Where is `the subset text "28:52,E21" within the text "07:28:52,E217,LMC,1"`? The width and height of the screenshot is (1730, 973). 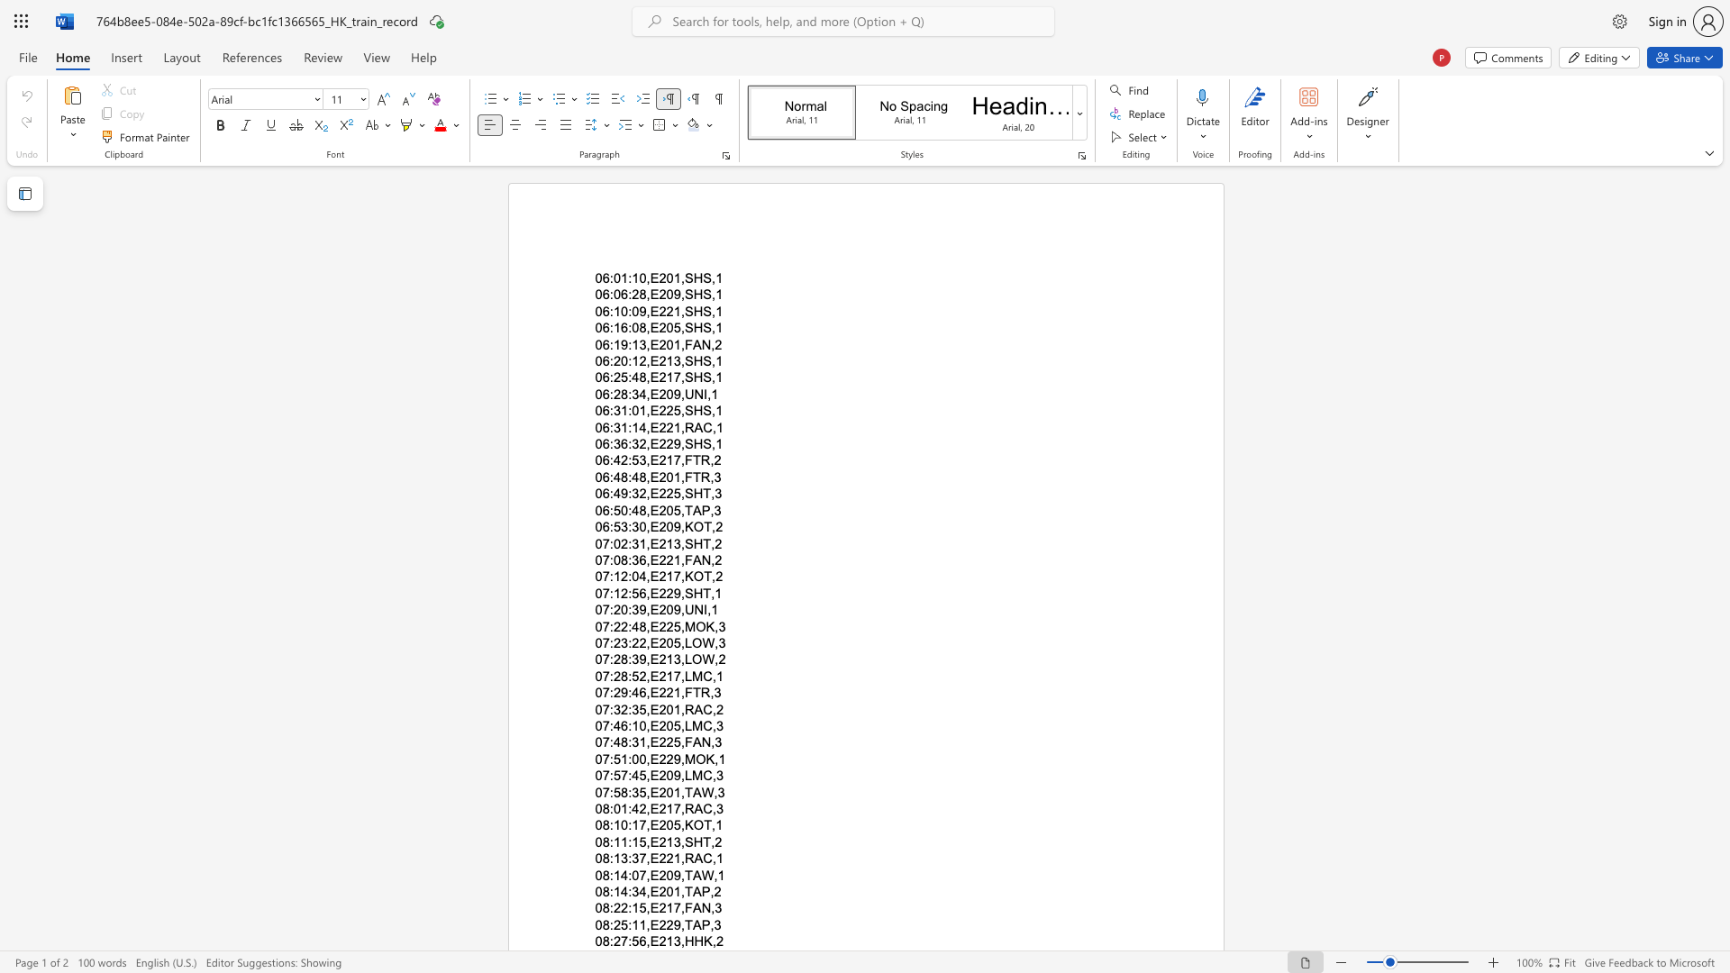 the subset text "28:52,E21" within the text "07:28:52,E217,LMC,1" is located at coordinates (613, 676).